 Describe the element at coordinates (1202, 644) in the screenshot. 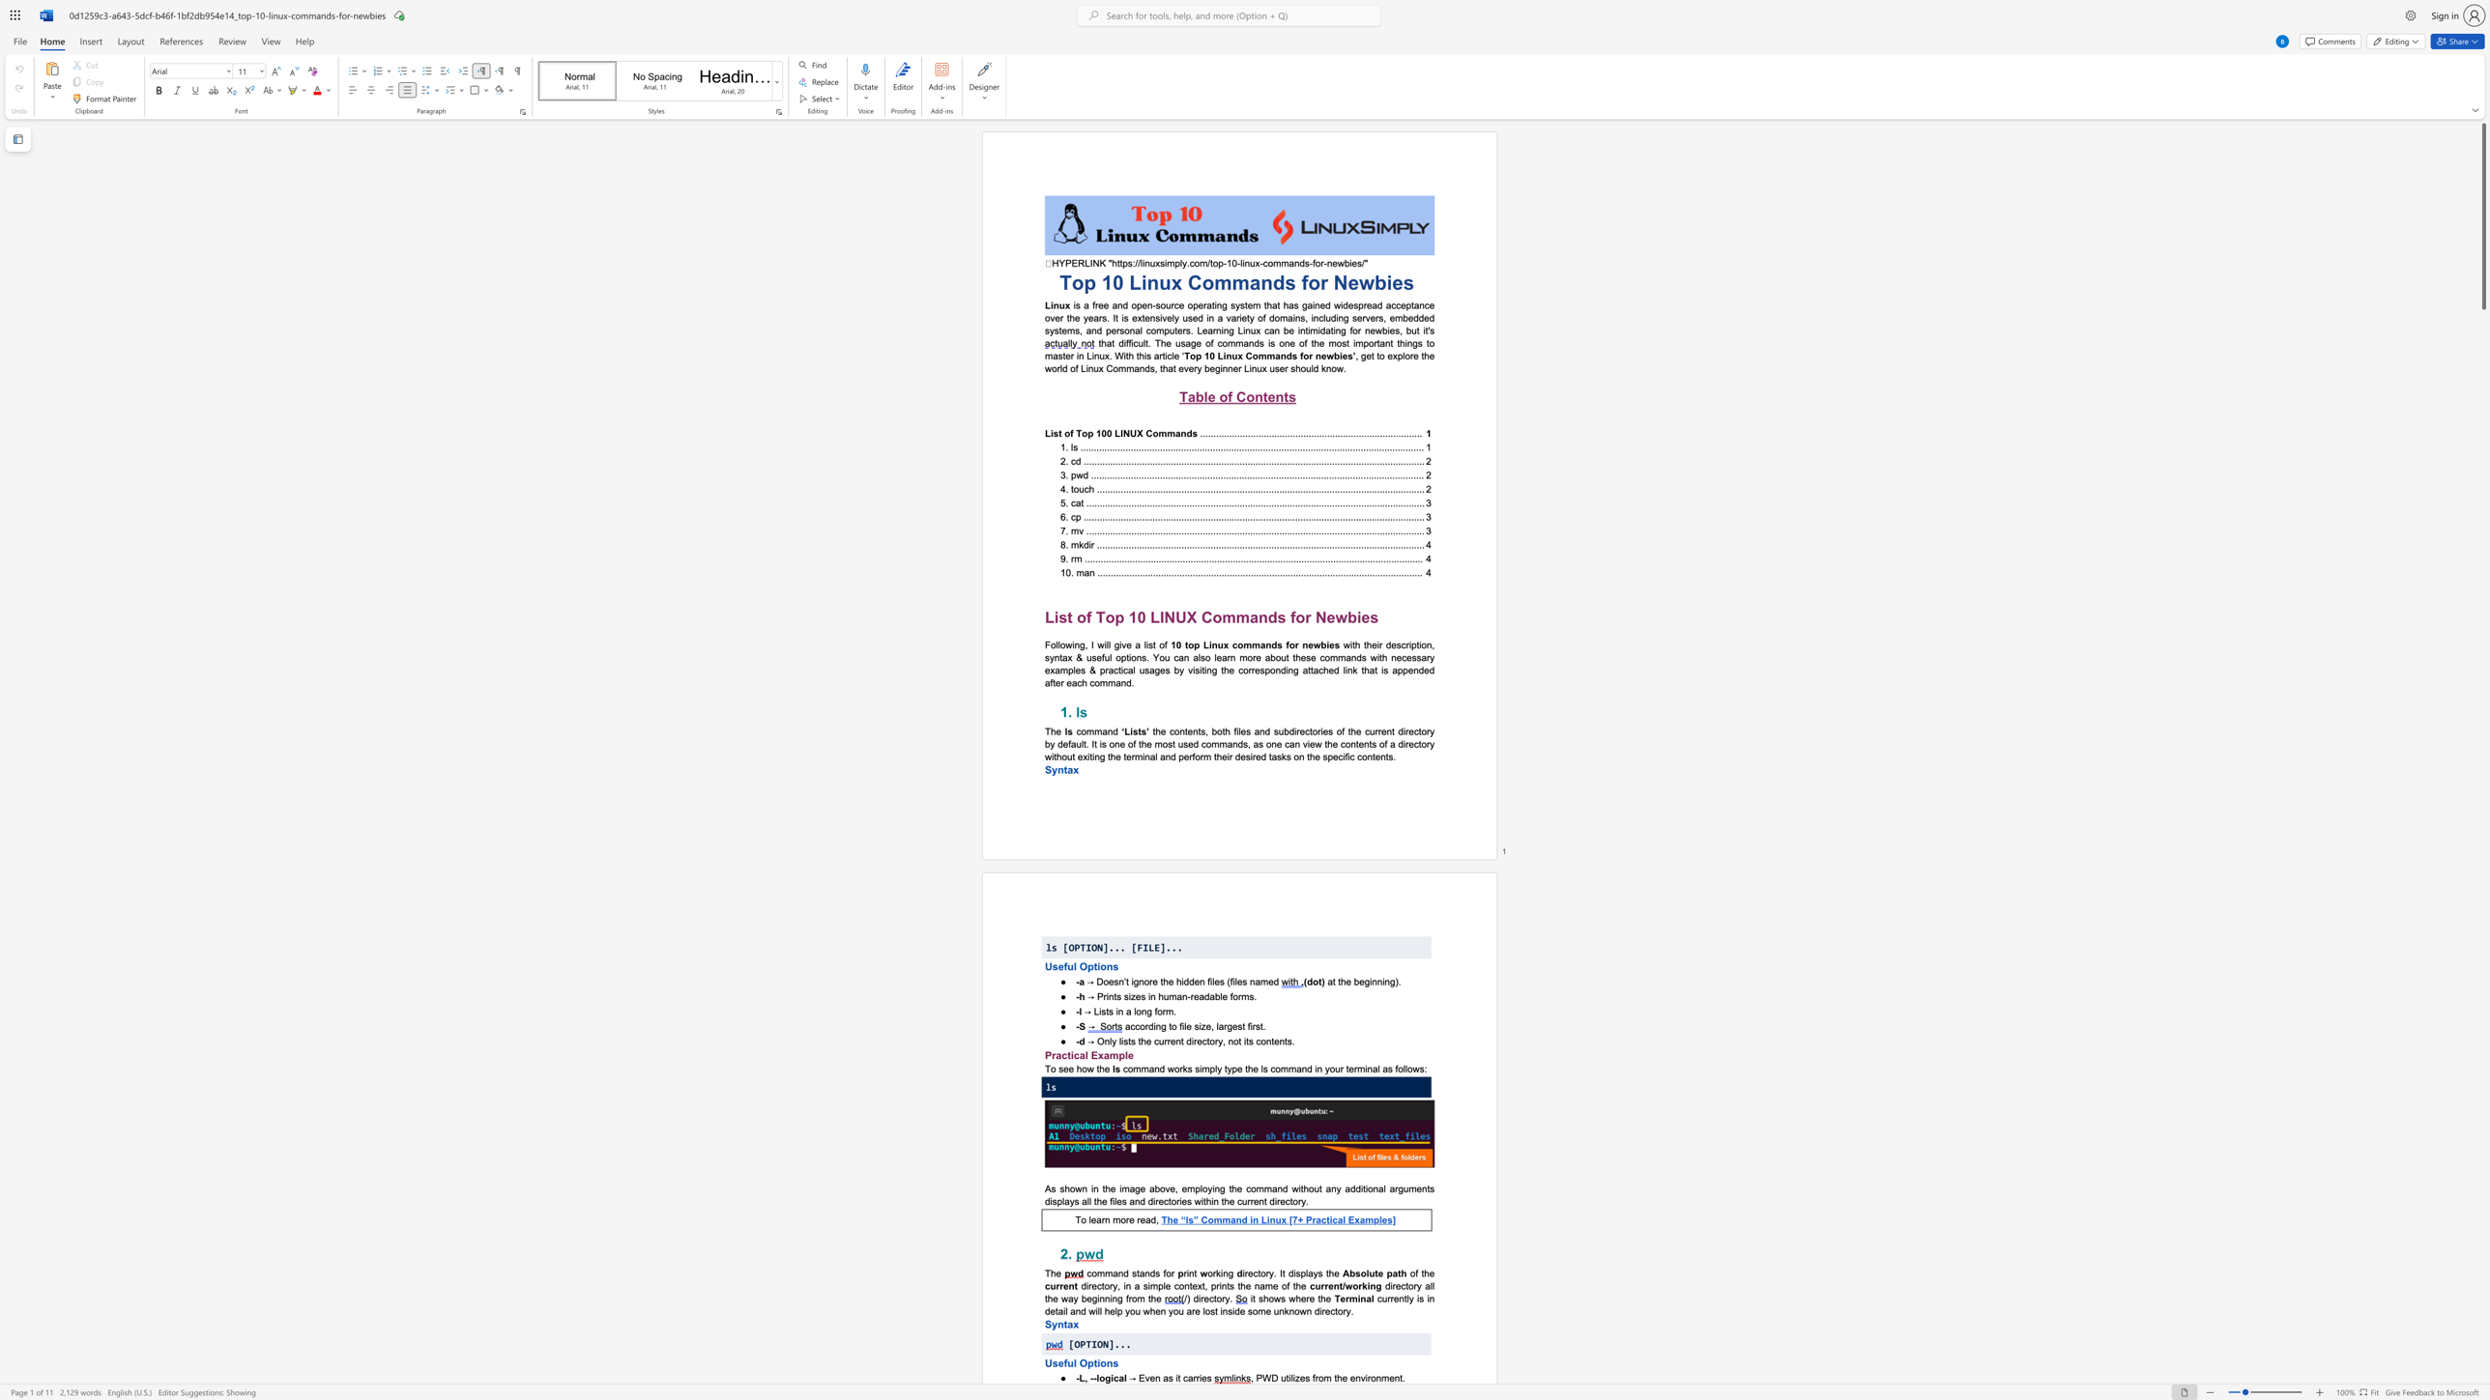

I see `the subset text "Linux commands for ne" within the text "10 top Linux commands for newbies"` at that location.